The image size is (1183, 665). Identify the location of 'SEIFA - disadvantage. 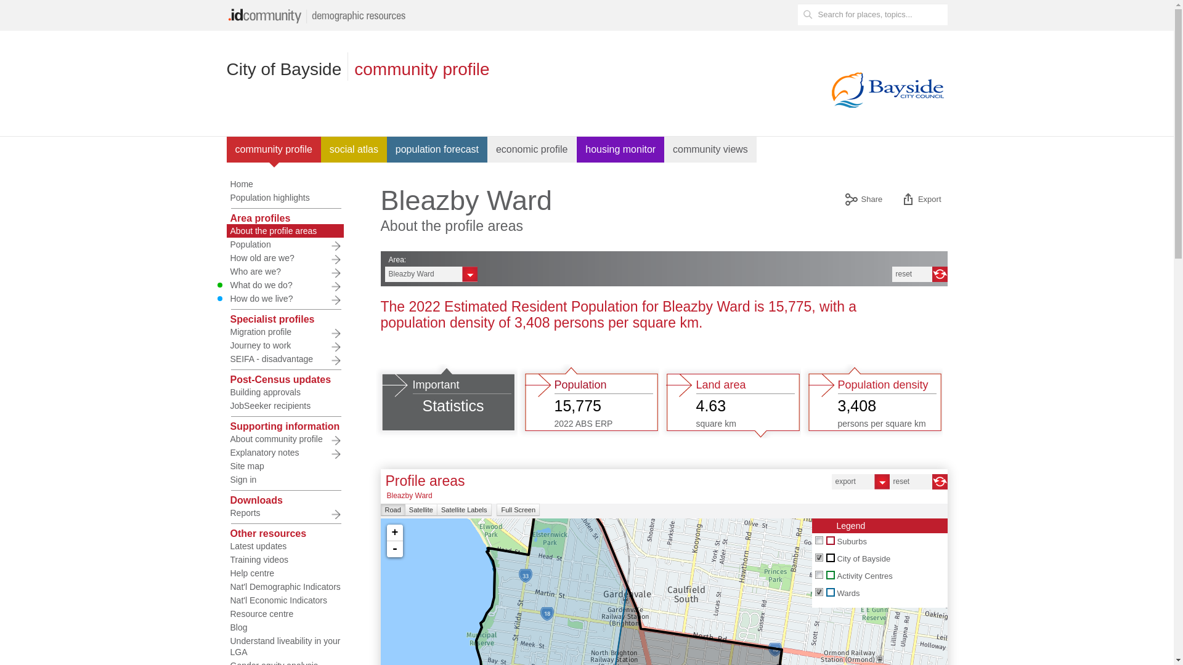
(227, 358).